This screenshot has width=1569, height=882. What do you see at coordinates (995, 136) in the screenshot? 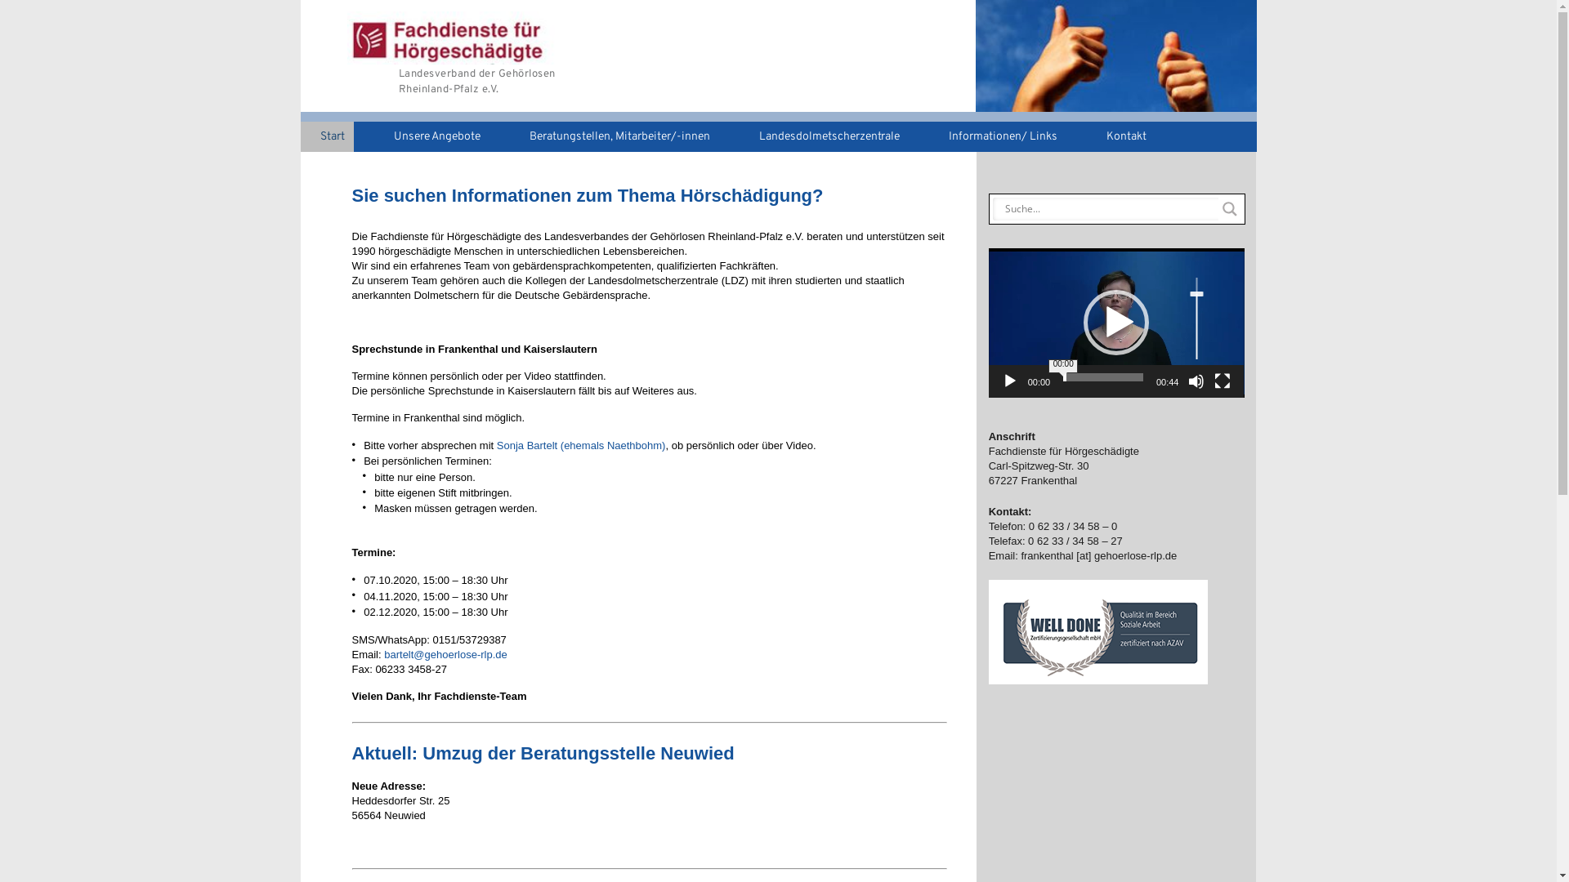
I see `'Informationen/ Links'` at bounding box center [995, 136].